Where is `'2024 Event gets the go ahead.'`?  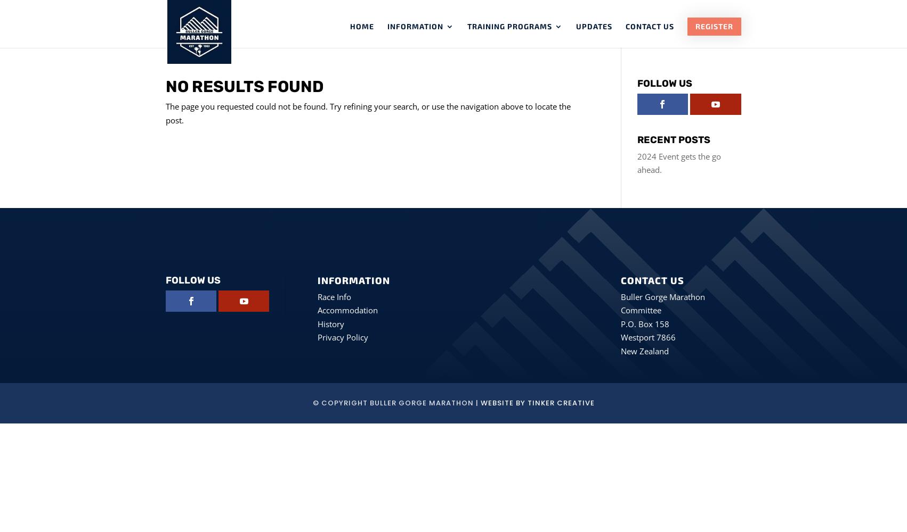 '2024 Event gets the go ahead.' is located at coordinates (678, 163).